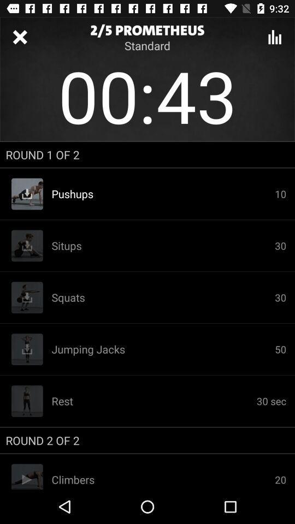  What do you see at coordinates (274, 37) in the screenshot?
I see `the icon above the 00:43 item` at bounding box center [274, 37].